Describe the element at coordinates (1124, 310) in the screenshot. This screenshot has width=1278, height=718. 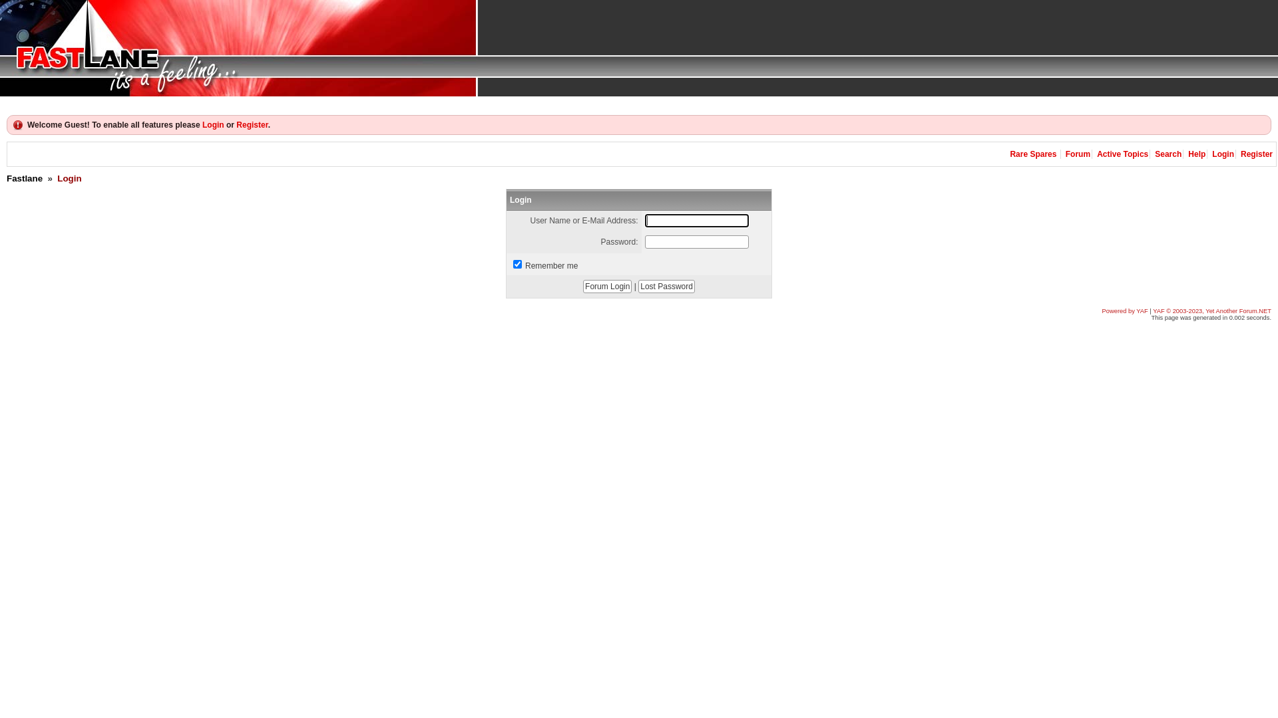
I see `'Powered by YAF'` at that location.